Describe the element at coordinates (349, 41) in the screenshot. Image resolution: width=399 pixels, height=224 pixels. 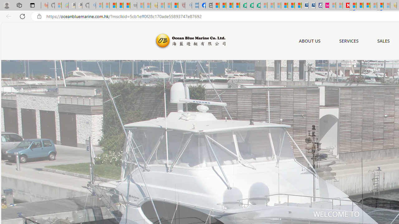
I see `'SERVICES'` at that location.